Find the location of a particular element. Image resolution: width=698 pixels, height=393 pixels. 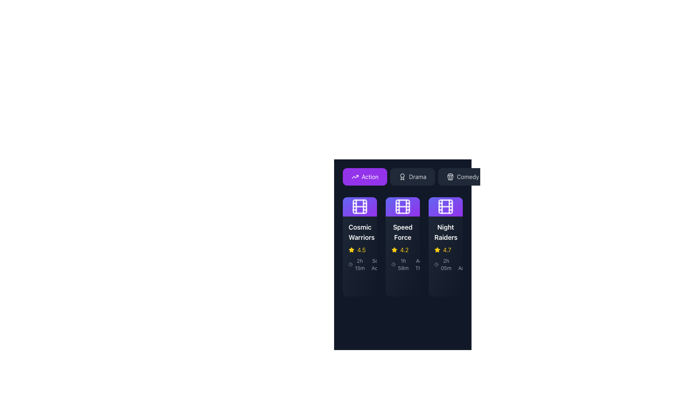

the 'Drama' text label displayed in white color on a dark background, which is the rightmost genre label in the top row of the interface is located at coordinates (417, 177).